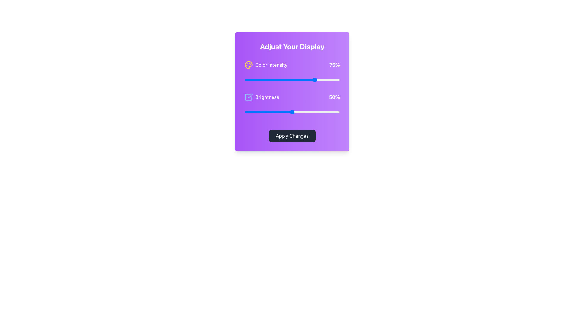  Describe the element at coordinates (262, 79) in the screenshot. I see `the slider` at that location.